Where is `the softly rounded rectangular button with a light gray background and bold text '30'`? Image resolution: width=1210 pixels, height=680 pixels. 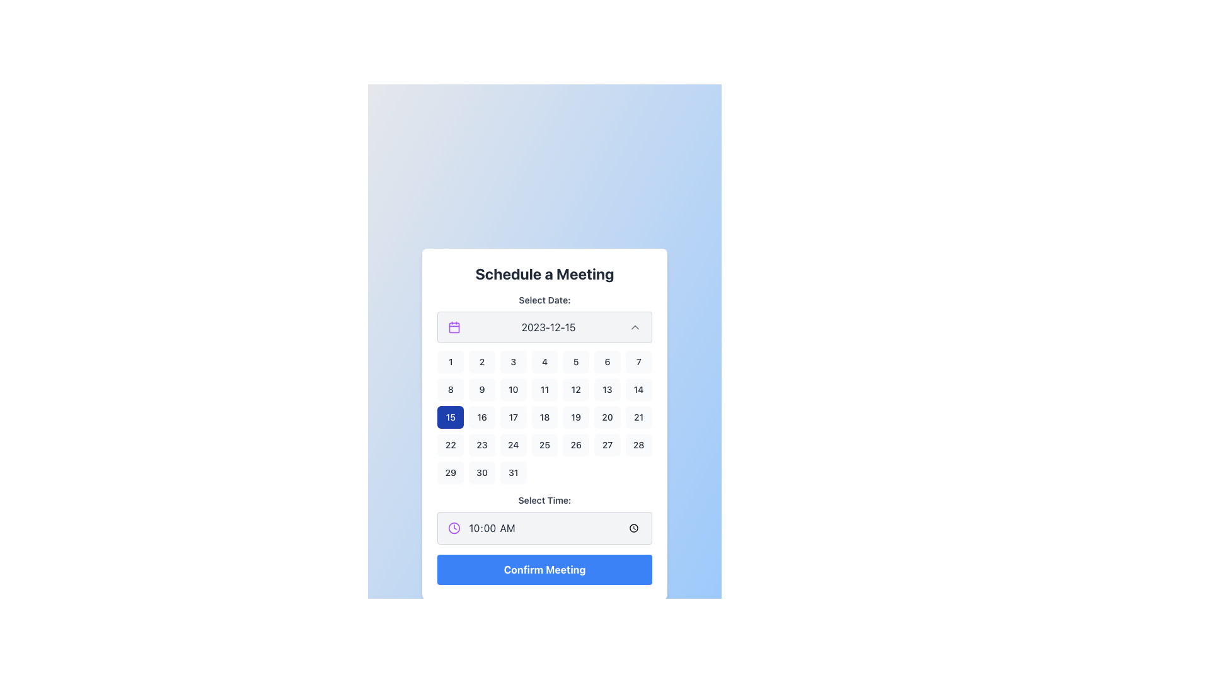
the softly rounded rectangular button with a light gray background and bold text '30' is located at coordinates (481, 473).